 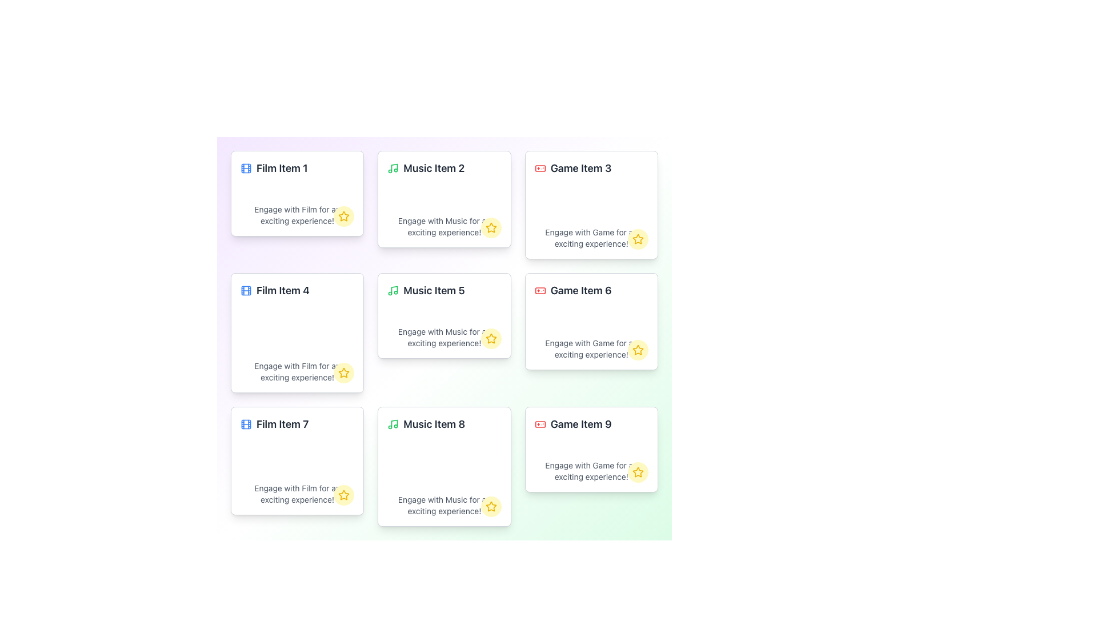 What do you see at coordinates (433, 290) in the screenshot?
I see `the text label that identifies a music-related item, located in the middle column of the second row of content cards` at bounding box center [433, 290].